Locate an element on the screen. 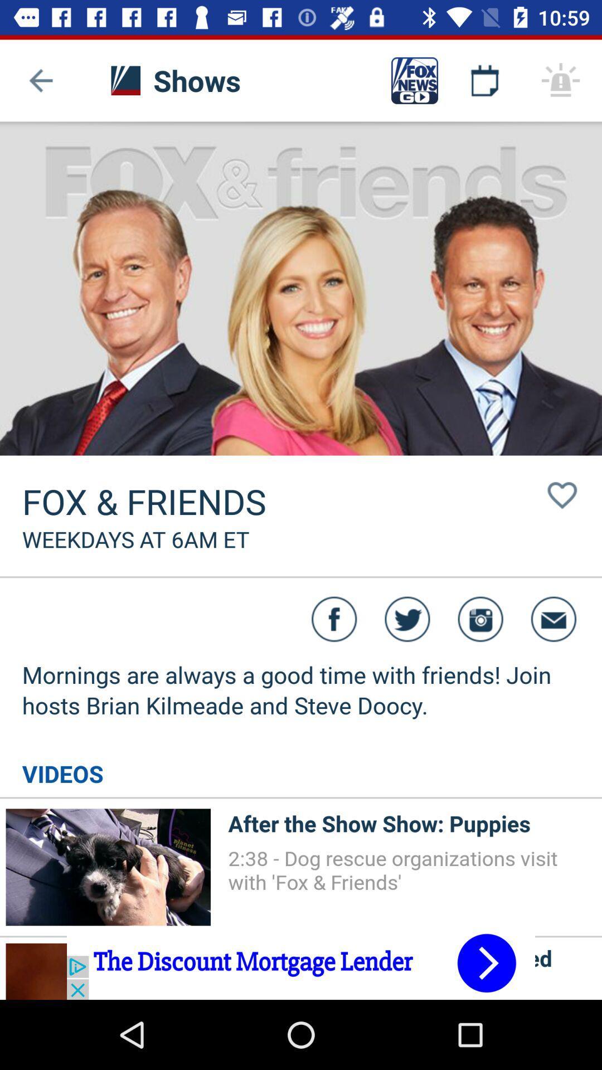 The width and height of the screenshot is (602, 1070). the button right to the fox  friends is located at coordinates (562, 494).